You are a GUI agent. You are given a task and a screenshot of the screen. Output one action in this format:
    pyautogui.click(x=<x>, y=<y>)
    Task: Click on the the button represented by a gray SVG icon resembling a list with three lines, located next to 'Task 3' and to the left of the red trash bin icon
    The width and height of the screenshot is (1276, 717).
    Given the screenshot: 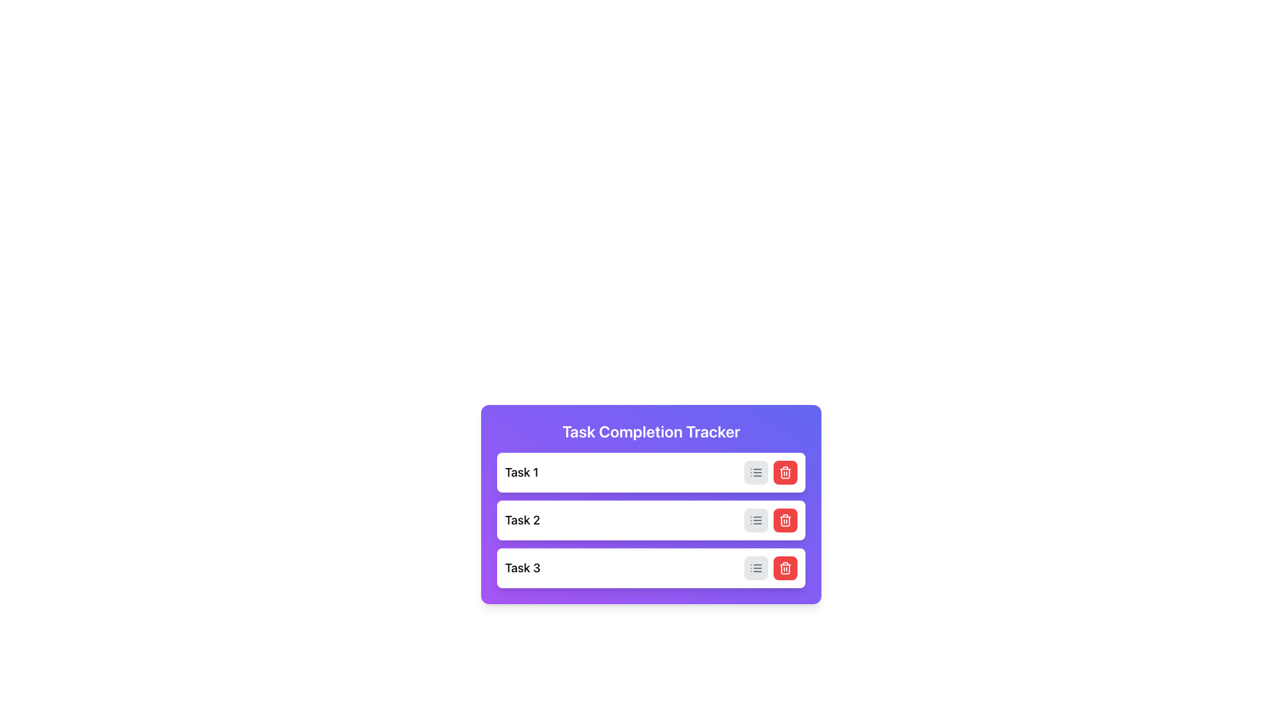 What is the action you would take?
    pyautogui.click(x=756, y=568)
    